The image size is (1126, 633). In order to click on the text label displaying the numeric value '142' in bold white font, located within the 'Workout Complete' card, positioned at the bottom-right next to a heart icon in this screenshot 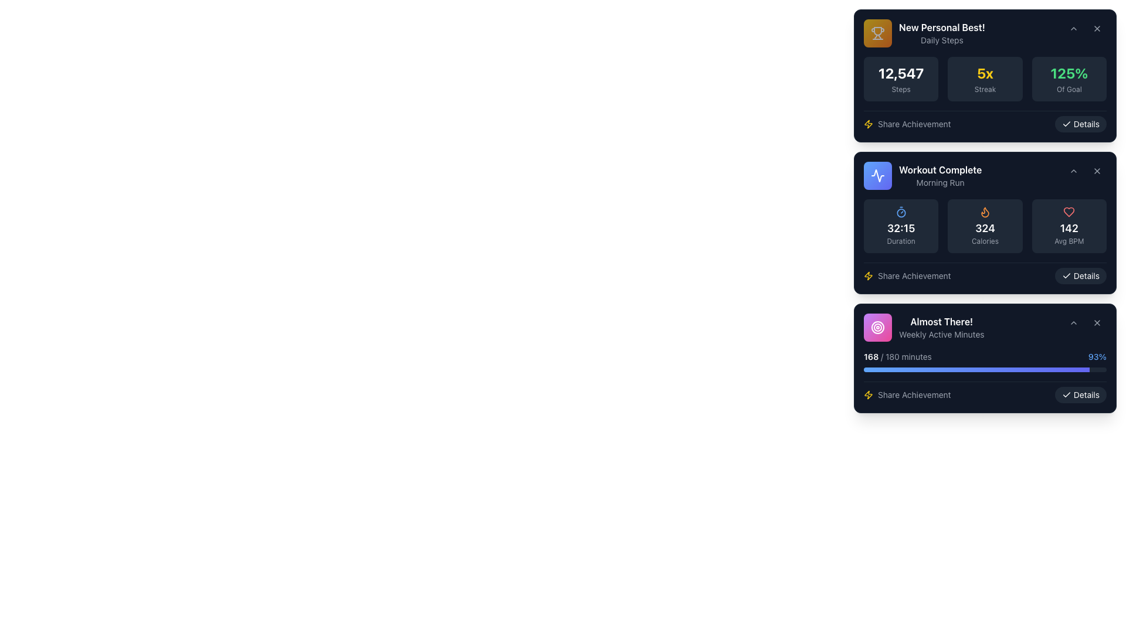, I will do `click(1069, 228)`.